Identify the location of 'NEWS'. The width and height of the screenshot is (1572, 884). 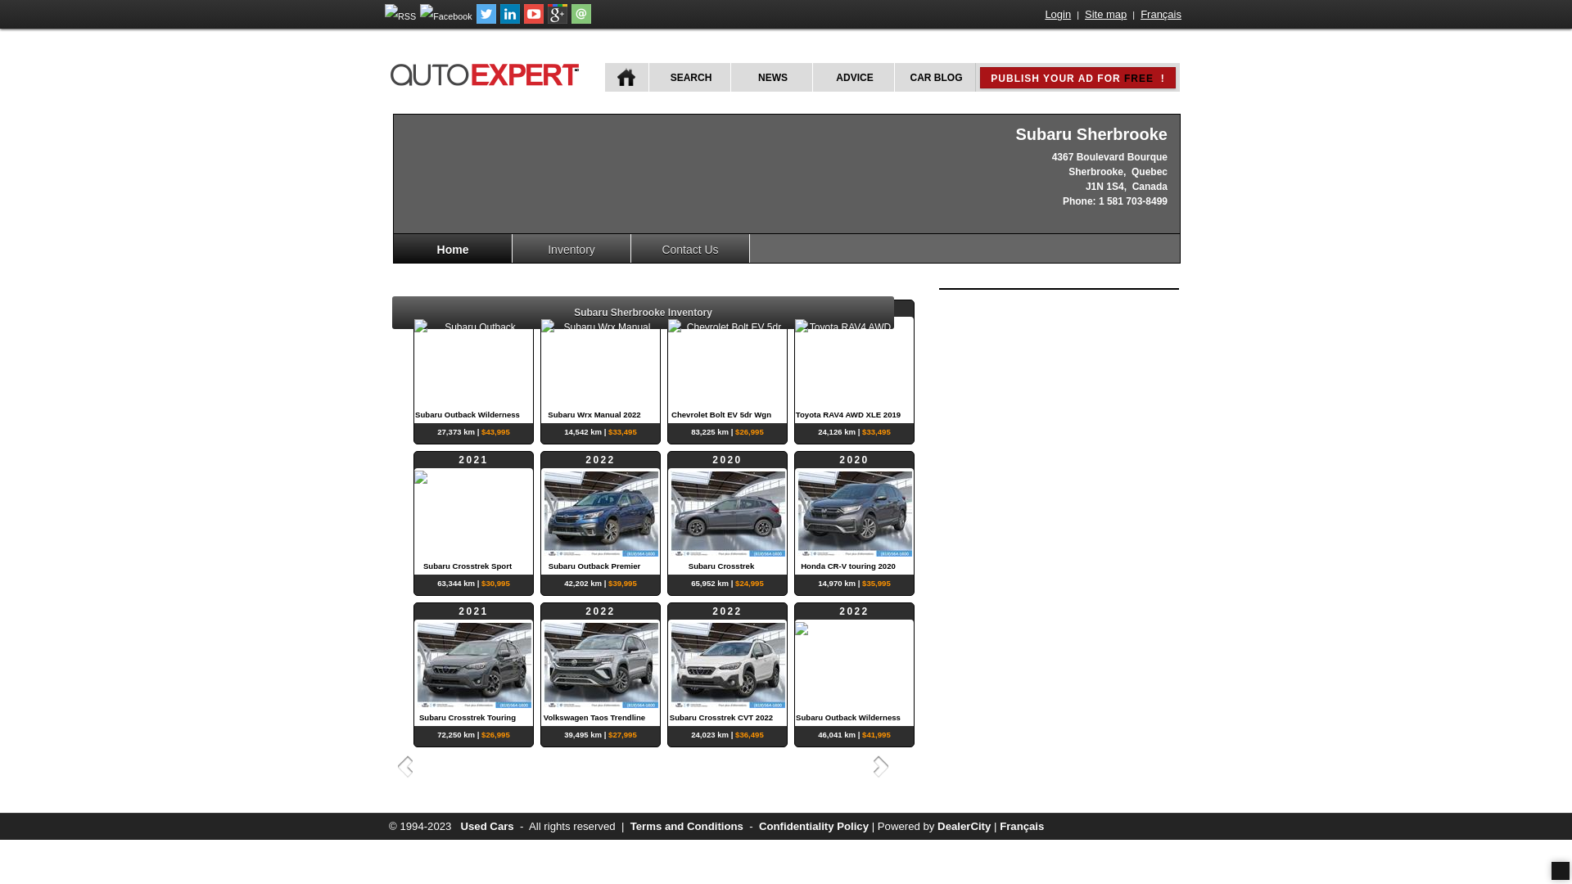
(770, 77).